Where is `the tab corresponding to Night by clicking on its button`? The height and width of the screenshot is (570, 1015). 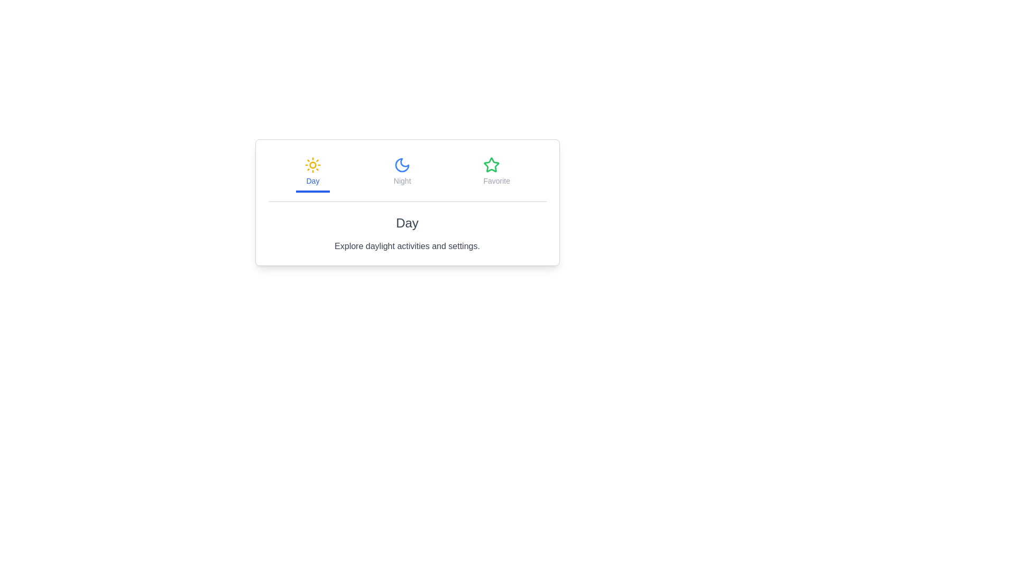
the tab corresponding to Night by clicking on its button is located at coordinates (402, 172).